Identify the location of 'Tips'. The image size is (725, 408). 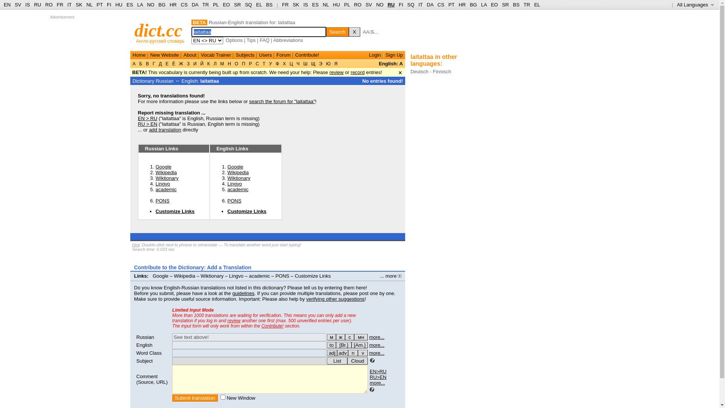
(251, 40).